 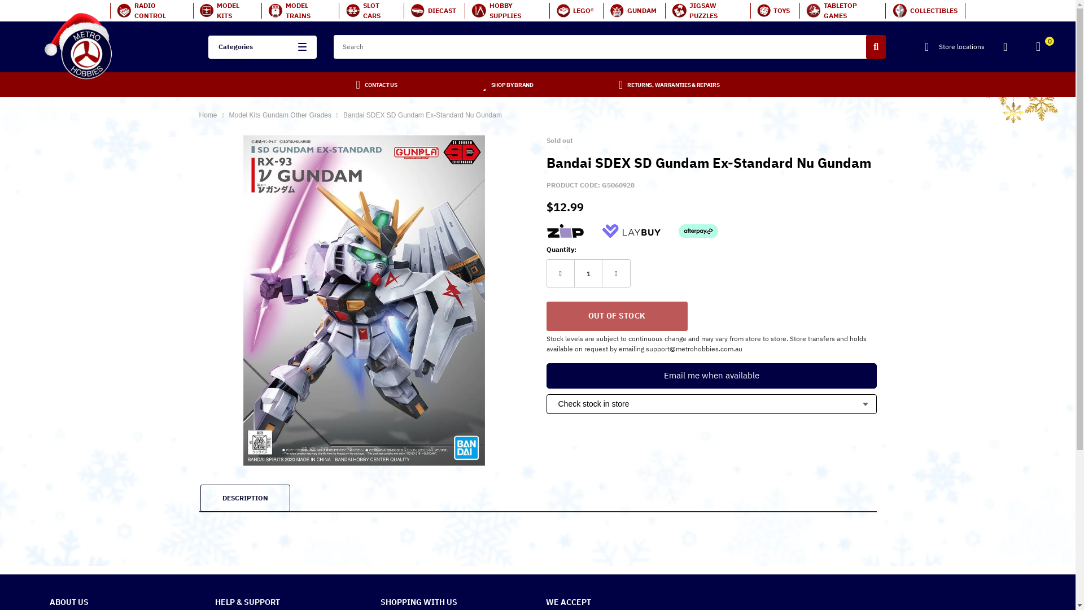 I want to click on 'Check stock in store', so click(x=711, y=403).